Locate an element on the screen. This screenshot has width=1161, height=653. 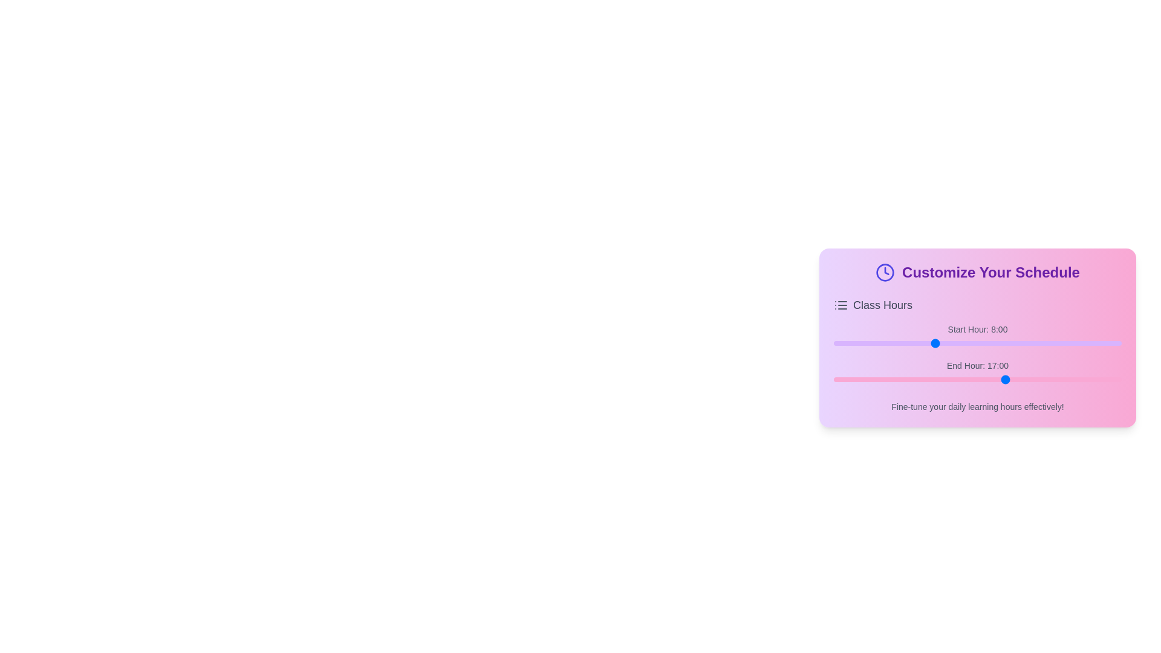
the slider to set the start hour to 1 is located at coordinates (845, 343).